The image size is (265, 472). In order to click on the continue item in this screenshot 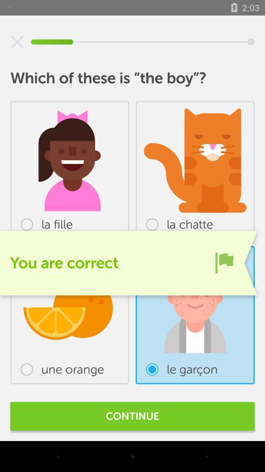, I will do `click(132, 415)`.